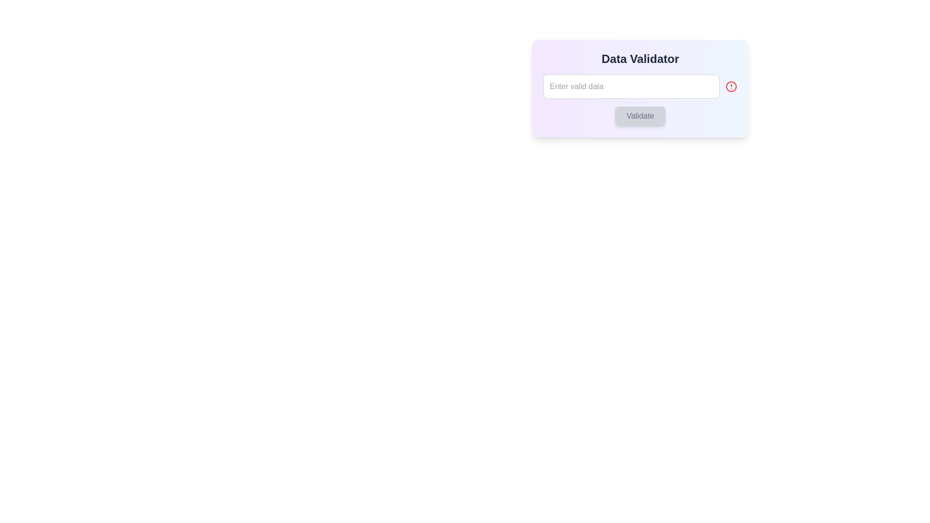 Image resolution: width=930 pixels, height=523 pixels. I want to click on the 'Validate' button with a gray background and rounded corners, located in the lower portion of the 'Data Validator' card, so click(640, 115).